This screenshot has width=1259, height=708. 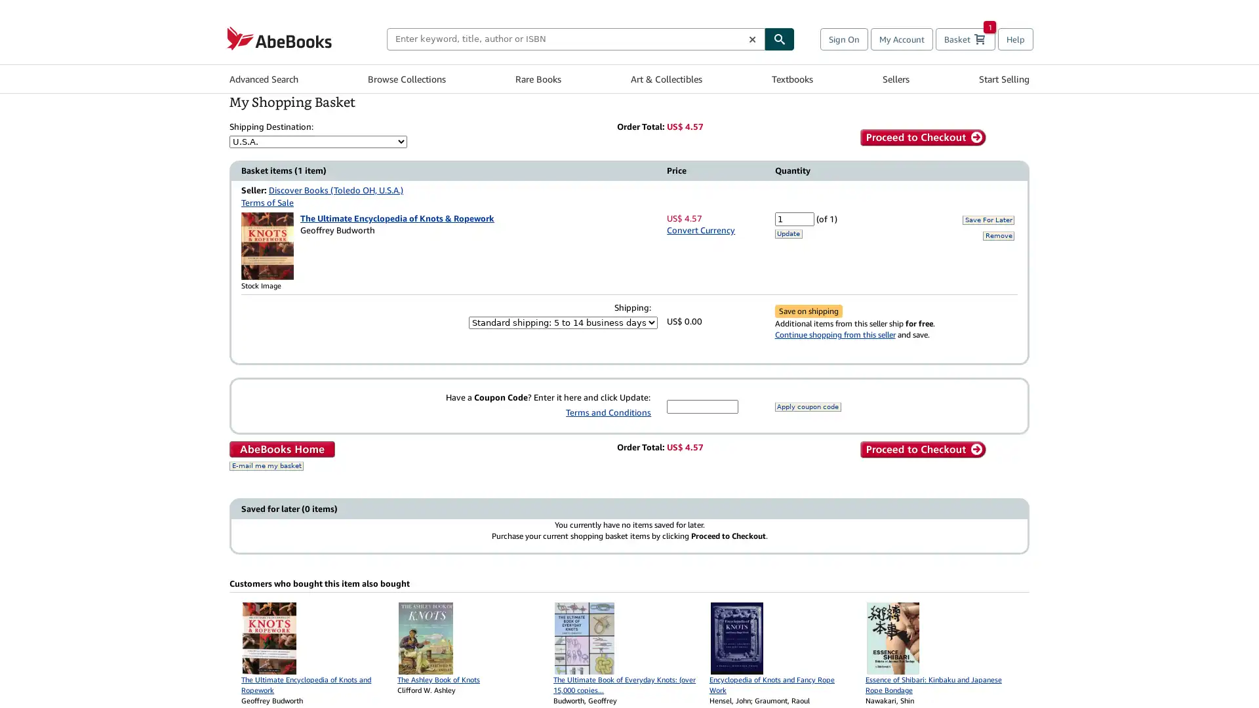 I want to click on Apply coupon code, so click(x=807, y=406).